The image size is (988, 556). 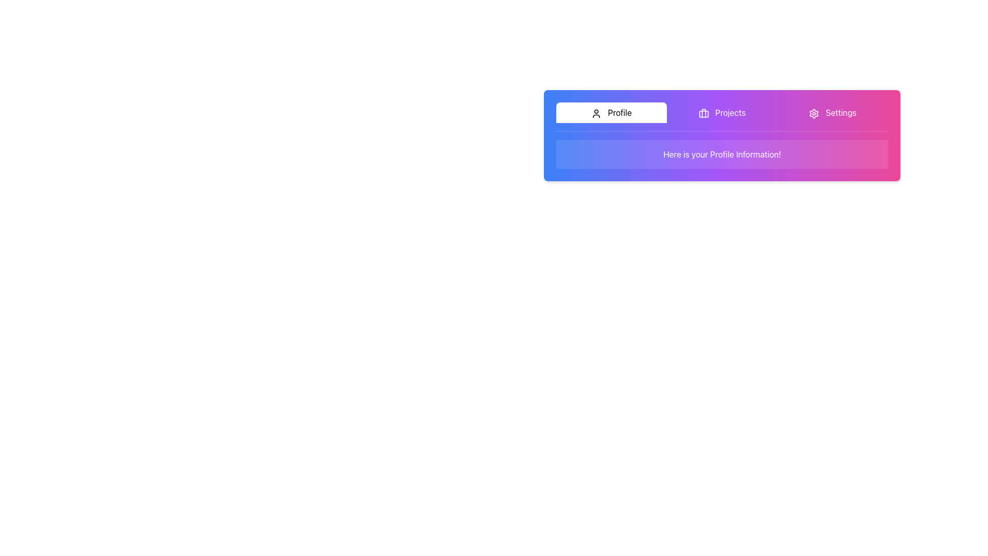 I want to click on the Navigation Menu at the top of the colored card for visual feedback, so click(x=721, y=116).